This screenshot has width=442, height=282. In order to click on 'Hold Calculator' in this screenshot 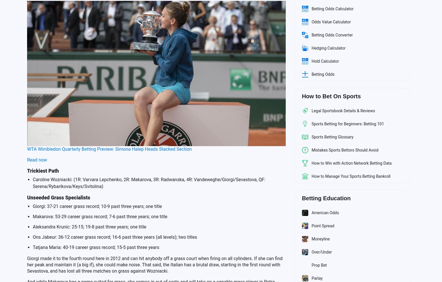, I will do `click(325, 61)`.